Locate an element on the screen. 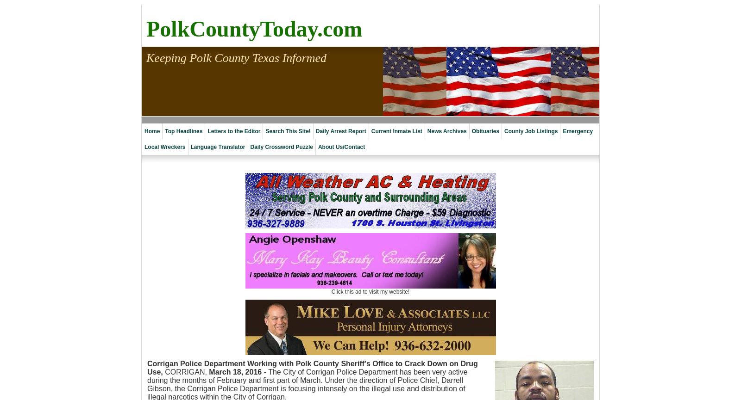 The height and width of the screenshot is (400, 741). 'Emergency' is located at coordinates (577, 130).